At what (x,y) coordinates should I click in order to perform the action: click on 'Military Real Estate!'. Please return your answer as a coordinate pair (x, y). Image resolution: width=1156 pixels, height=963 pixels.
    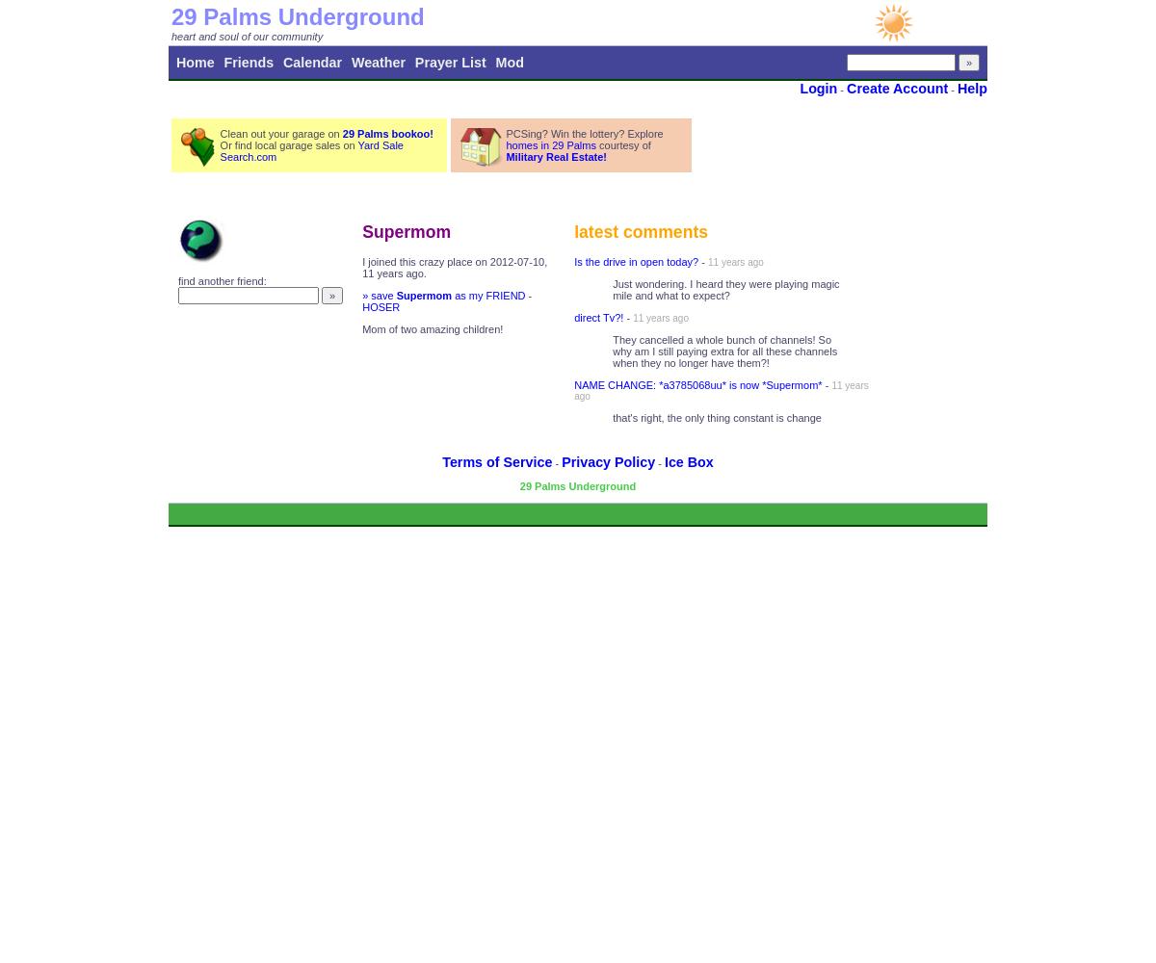
    Looking at the image, I should click on (554, 157).